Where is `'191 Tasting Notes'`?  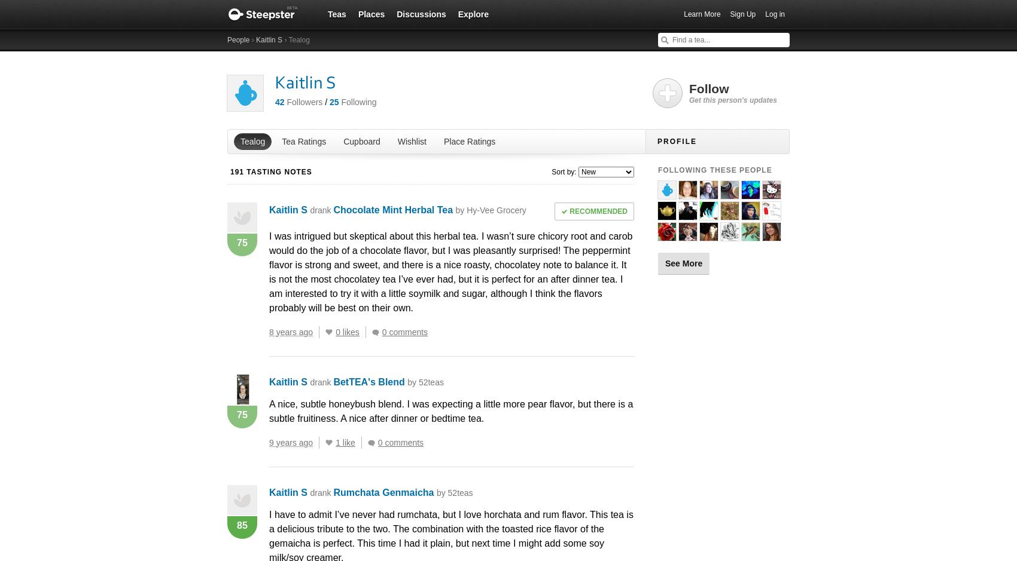 '191 Tasting Notes' is located at coordinates (271, 171).